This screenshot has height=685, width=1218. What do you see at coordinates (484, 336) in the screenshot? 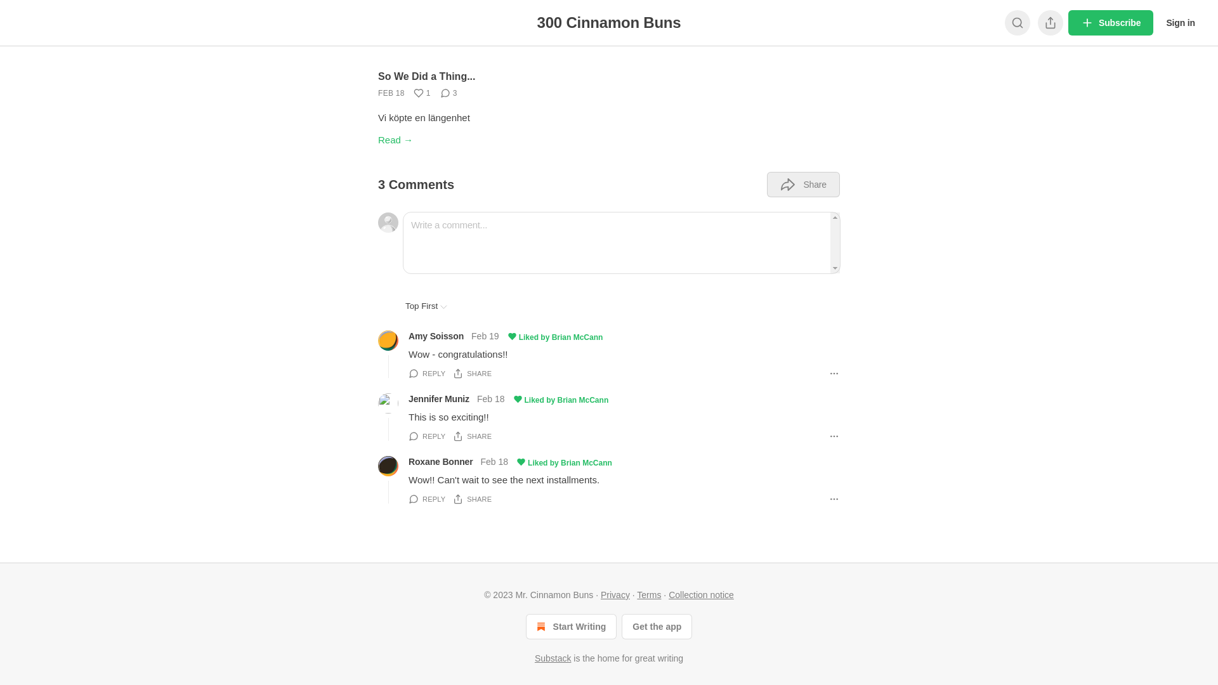
I see `'Feb 19'` at bounding box center [484, 336].